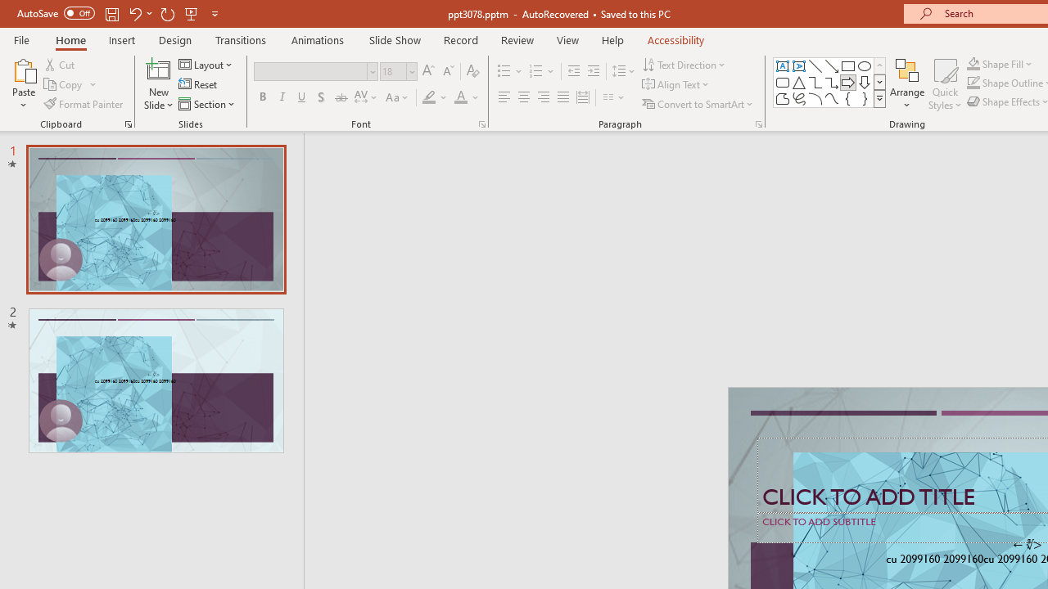 Image resolution: width=1048 pixels, height=589 pixels. What do you see at coordinates (973, 83) in the screenshot?
I see `'Shape Outline Green, Accent 1'` at bounding box center [973, 83].